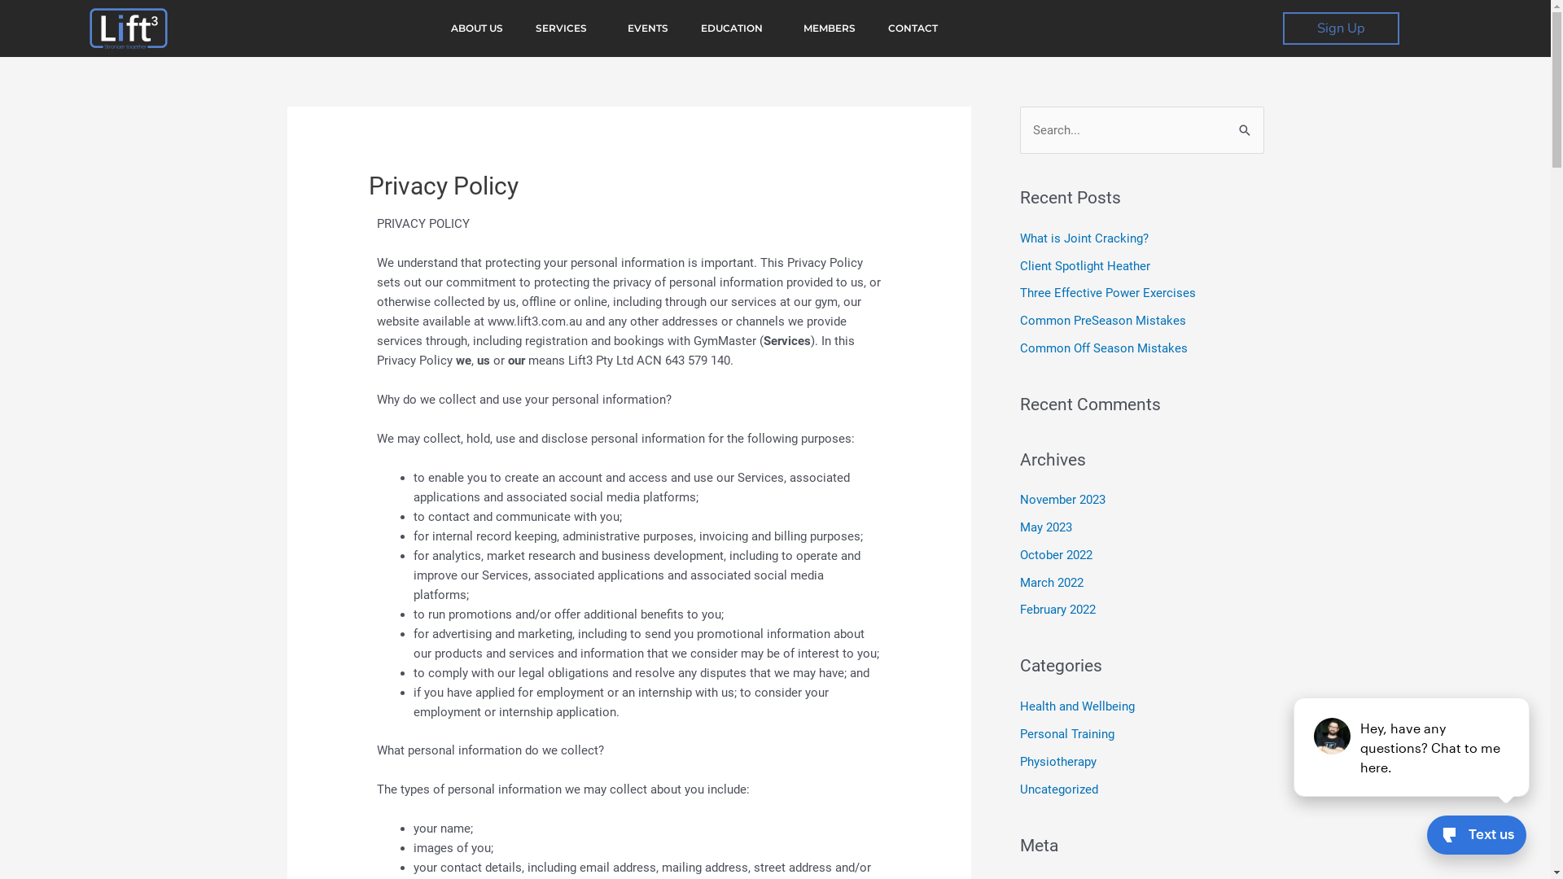  Describe the element at coordinates (1062, 498) in the screenshot. I see `'November 2023'` at that location.